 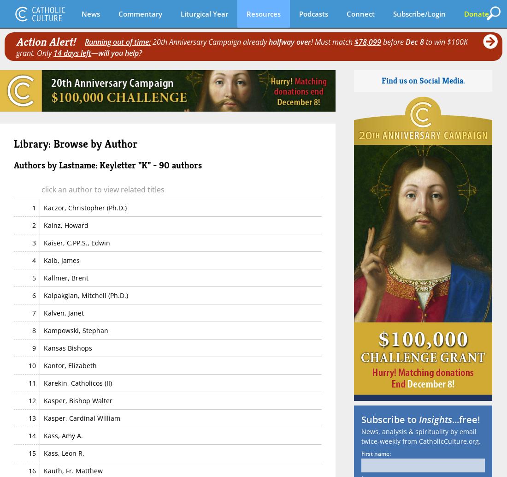 What do you see at coordinates (34, 295) in the screenshot?
I see `'6'` at bounding box center [34, 295].